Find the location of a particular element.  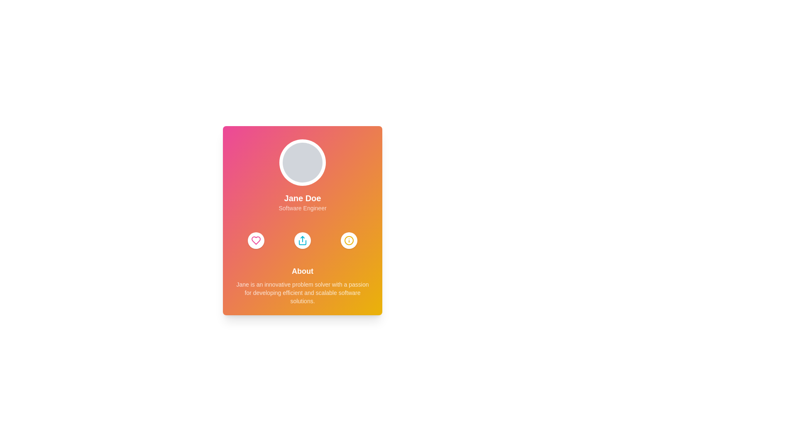

paragraph of text styled in a smaller font size with a lighter white color, positioned beneath the 'About' heading in the rectangular widget with a gradient background is located at coordinates (302, 292).